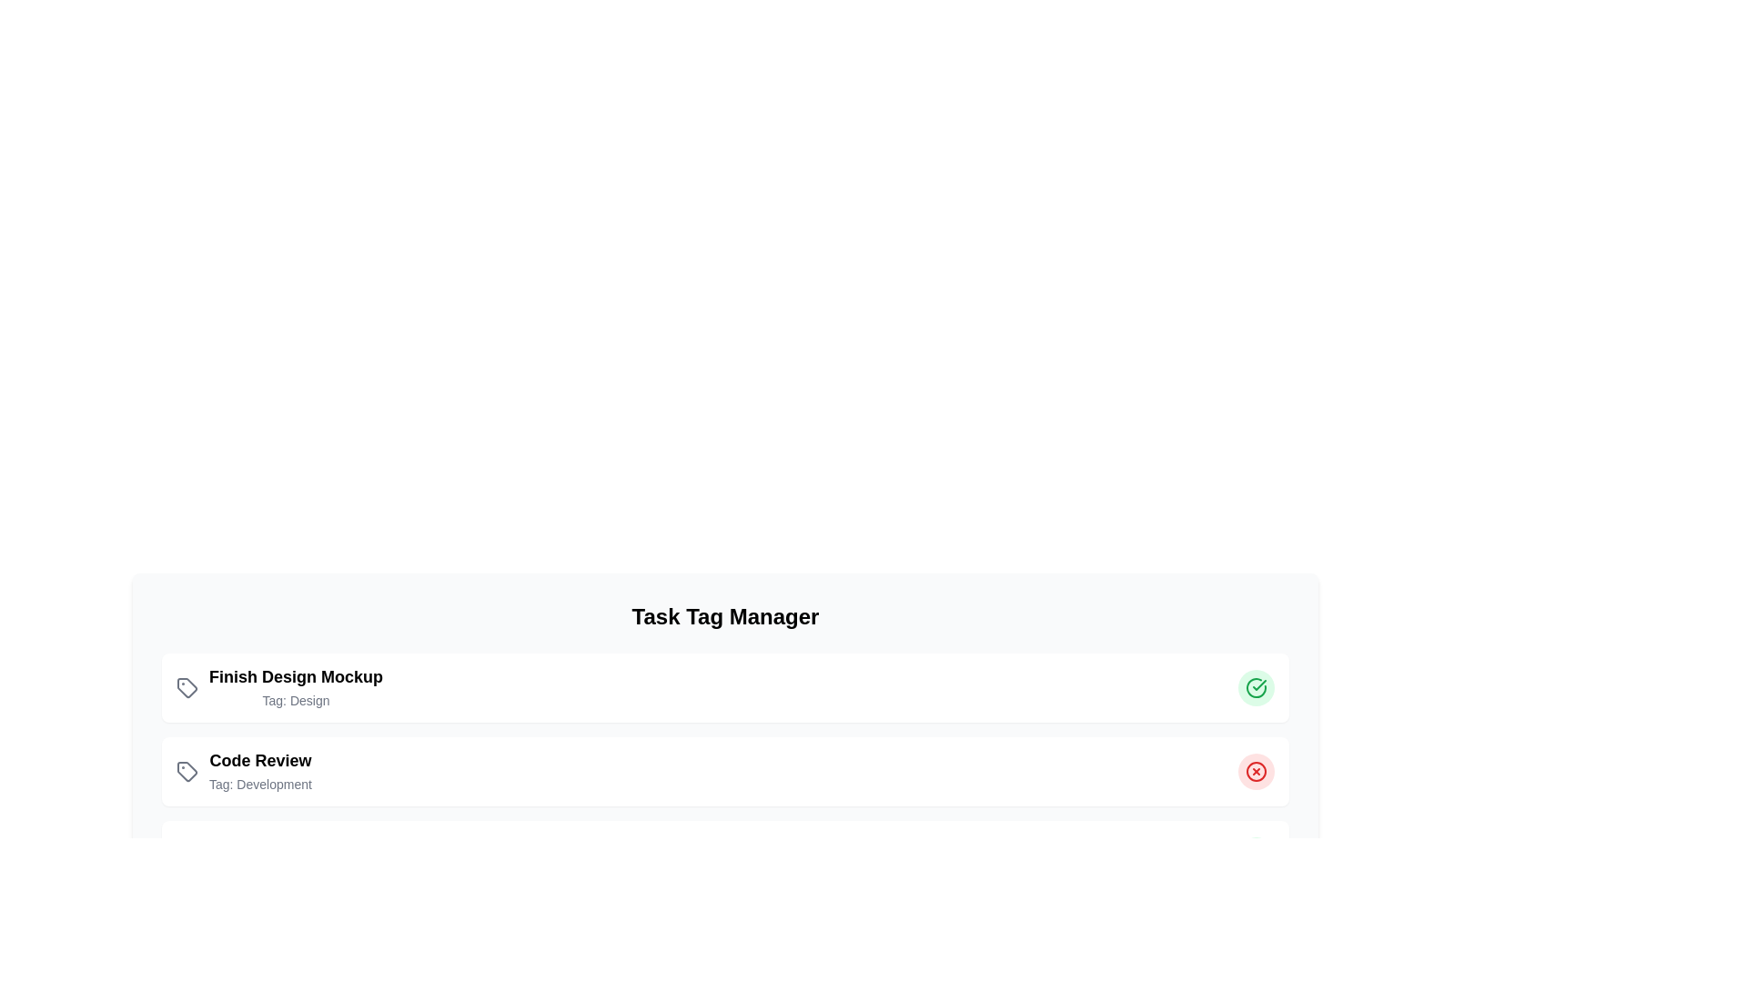  I want to click on the toggle status indicator with a green border and checkmark, located in the upper-right corner of the 'Finish Design Mockup' list item, so click(1256, 688).